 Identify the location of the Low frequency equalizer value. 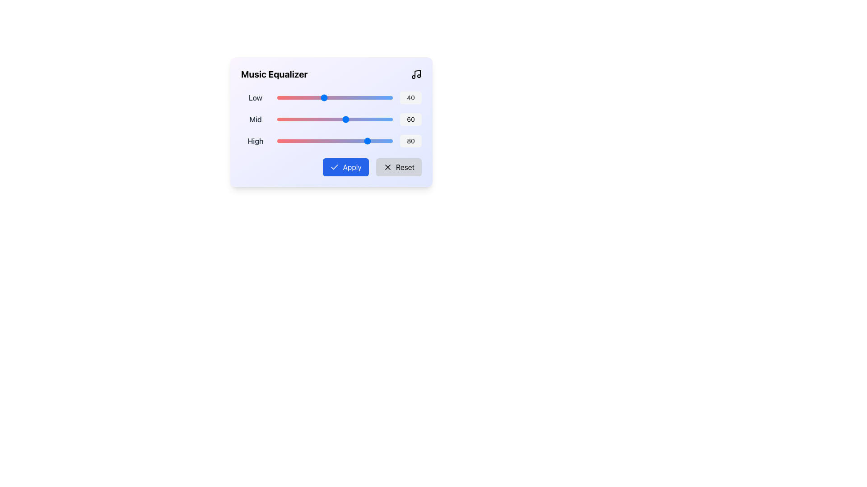
(342, 97).